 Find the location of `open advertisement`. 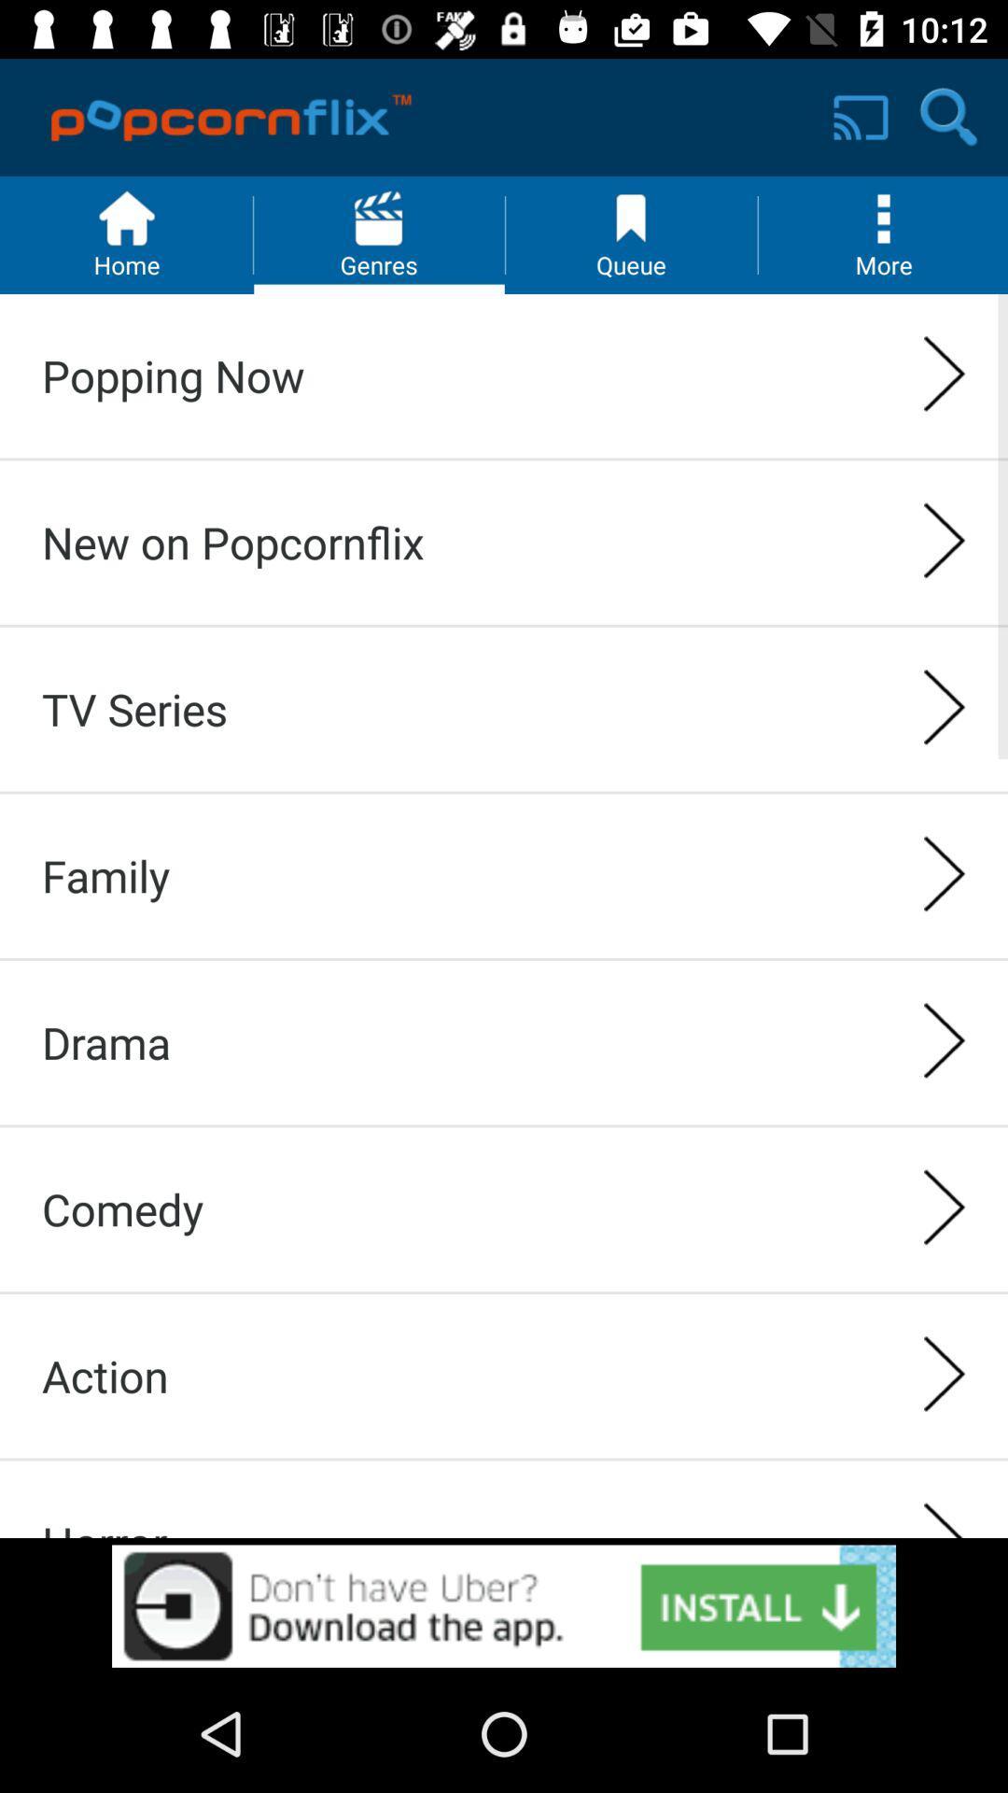

open advertisement is located at coordinates (504, 1605).